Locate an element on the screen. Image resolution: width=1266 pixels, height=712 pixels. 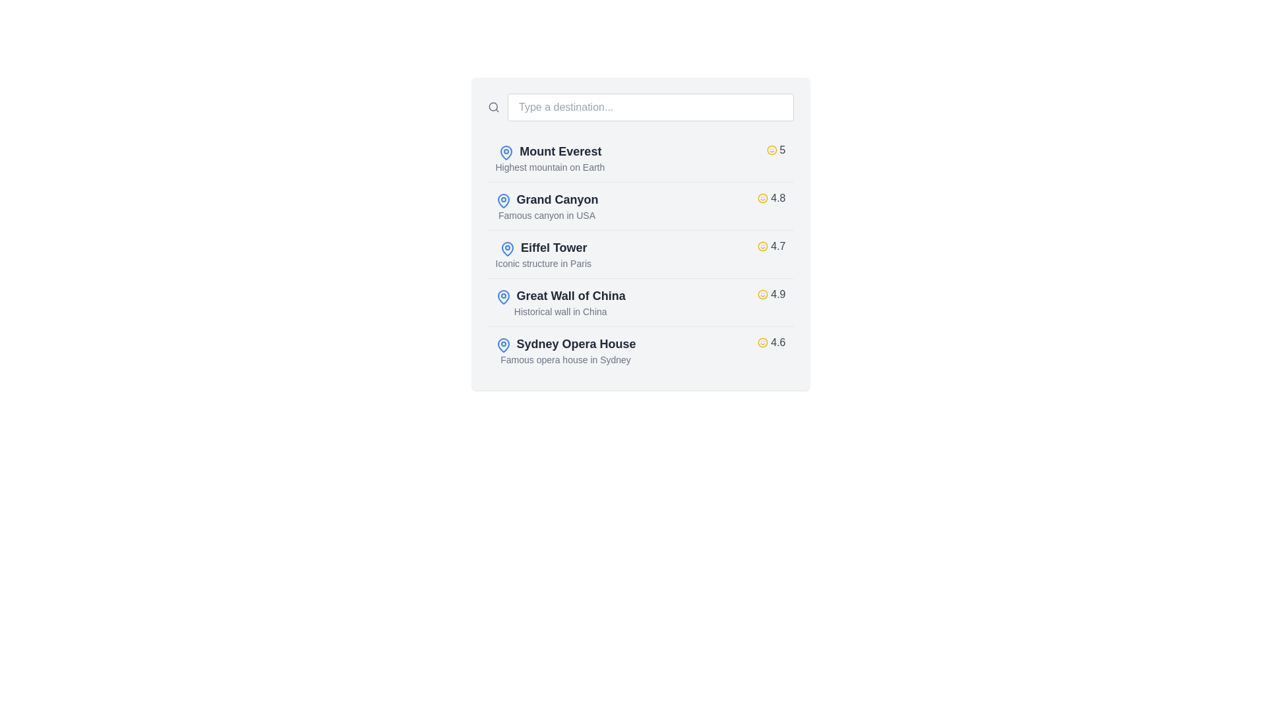
the second list item detailing information about the Grand Canyon is located at coordinates (640, 206).